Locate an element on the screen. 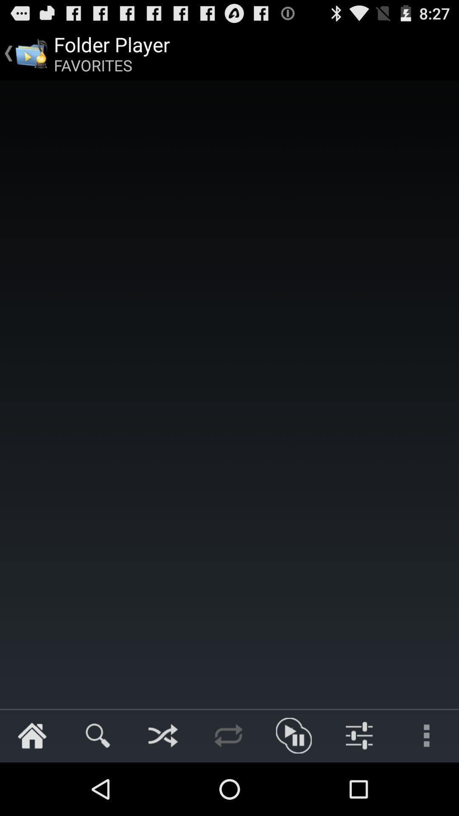 Image resolution: width=459 pixels, height=816 pixels. icon at the center is located at coordinates (229, 394).